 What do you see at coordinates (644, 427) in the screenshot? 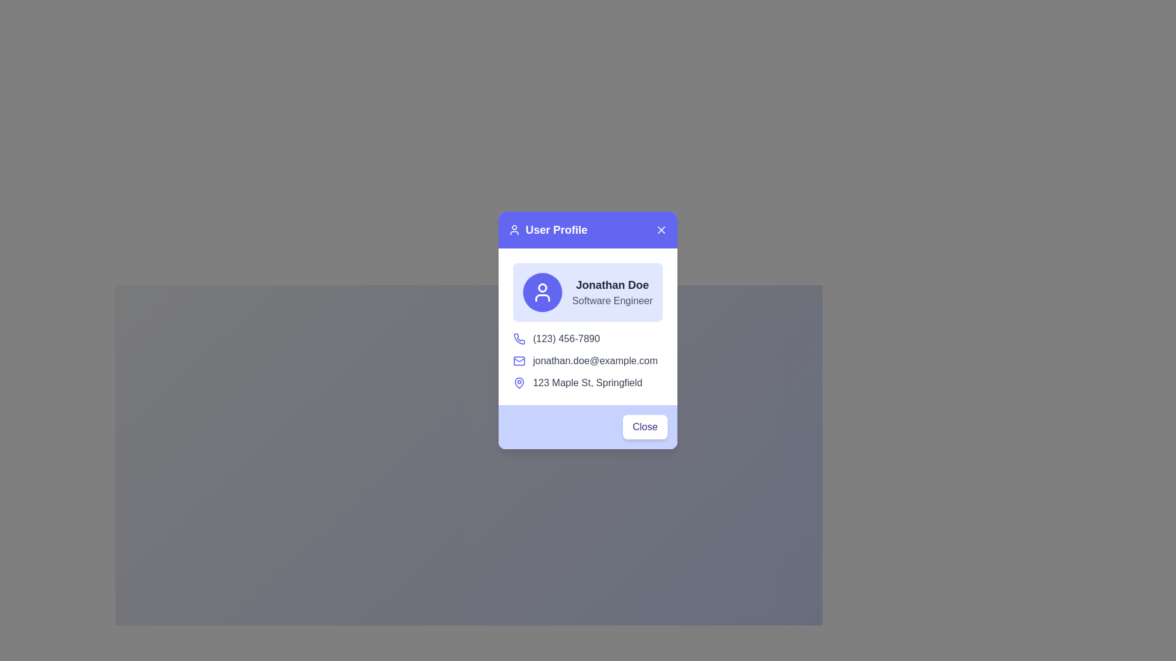
I see `the 'Close' button, which is a small rectangular button with rounded corners and indigo-blue text, located at the bottom-right corner of the dialog box` at bounding box center [644, 427].